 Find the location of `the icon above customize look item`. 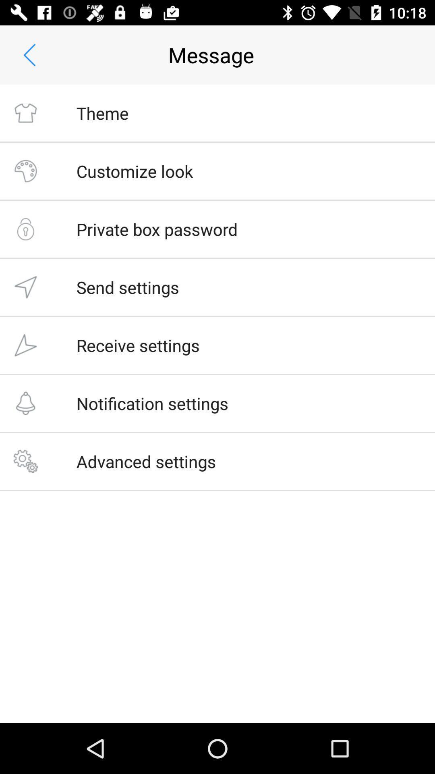

the icon above customize look item is located at coordinates (102, 112).